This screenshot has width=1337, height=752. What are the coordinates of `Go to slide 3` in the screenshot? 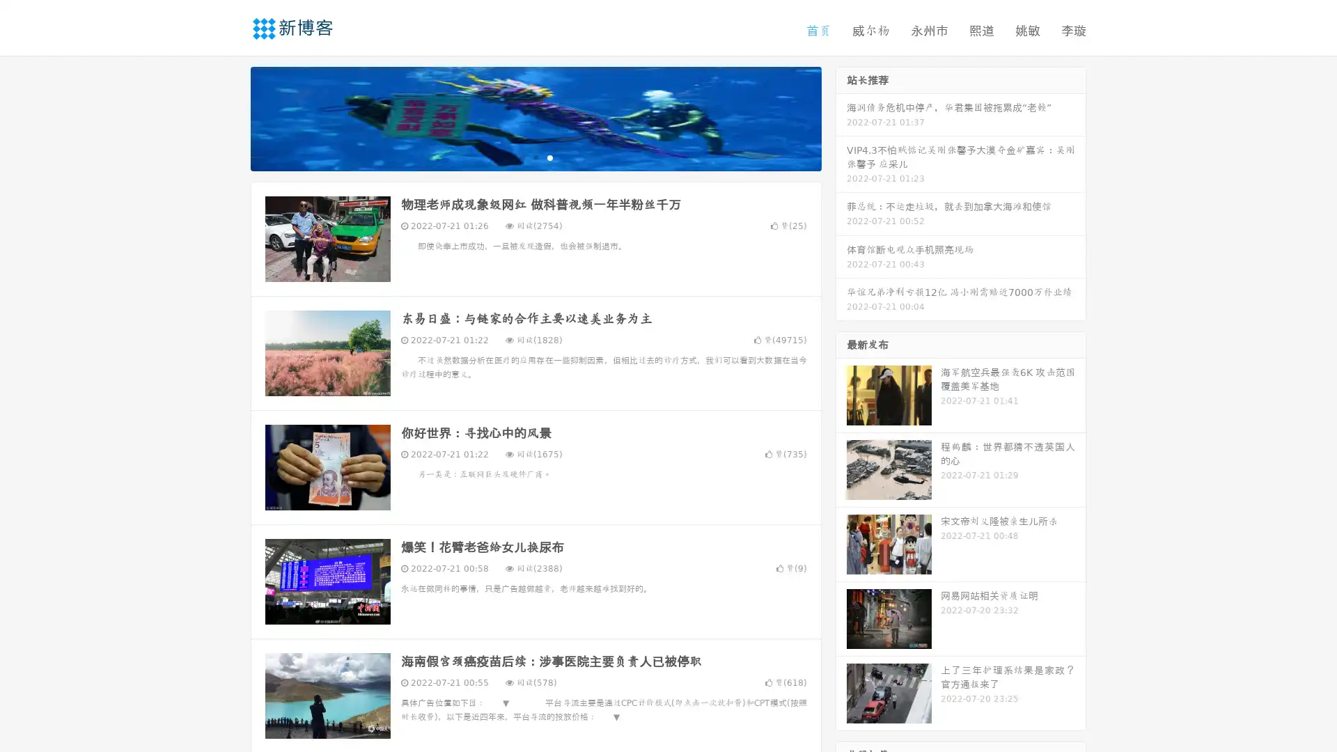 It's located at (549, 157).